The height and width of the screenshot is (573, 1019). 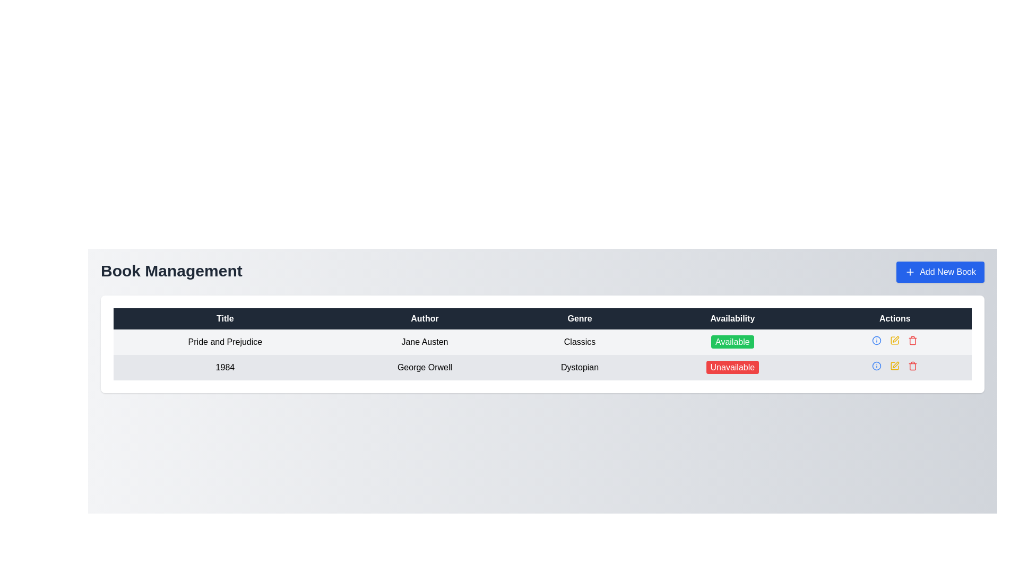 I want to click on the delete button located at the far right of the first row of action icons in the table, so click(x=912, y=366).